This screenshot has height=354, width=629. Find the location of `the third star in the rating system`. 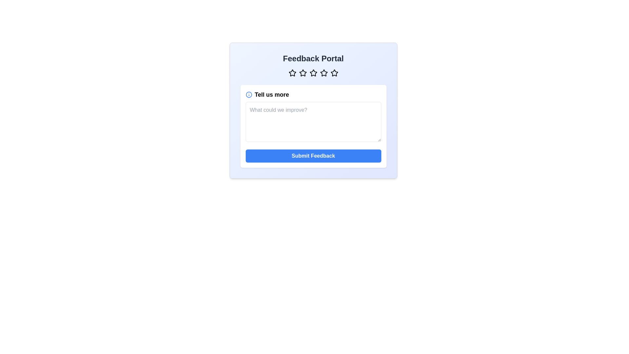

the third star in the rating system is located at coordinates (302, 73).